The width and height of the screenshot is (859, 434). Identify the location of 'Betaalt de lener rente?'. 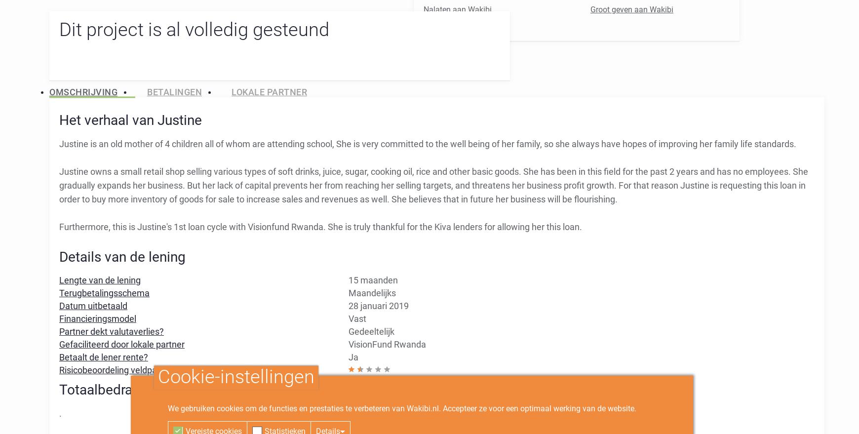
(103, 356).